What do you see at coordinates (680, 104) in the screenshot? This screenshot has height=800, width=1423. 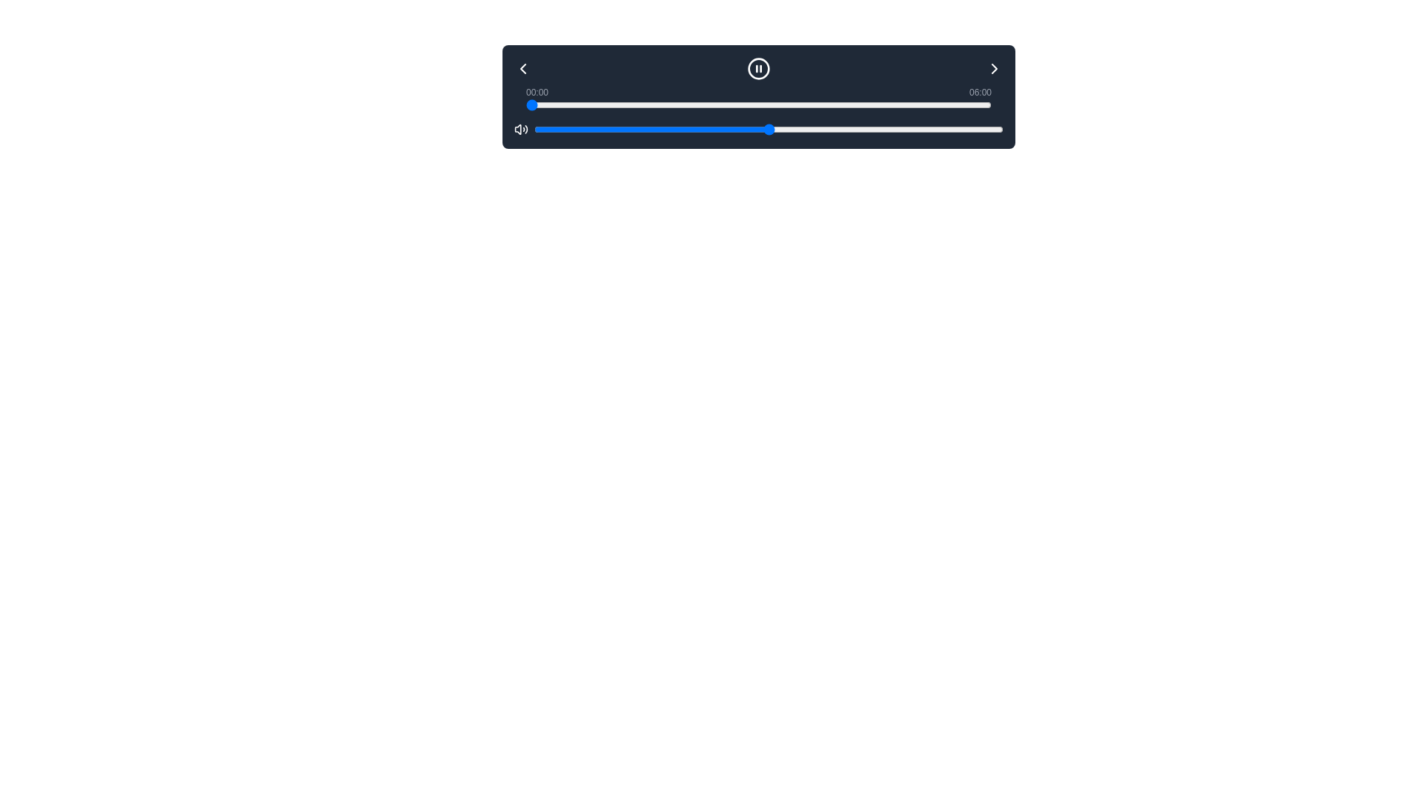 I see `the slider` at bounding box center [680, 104].